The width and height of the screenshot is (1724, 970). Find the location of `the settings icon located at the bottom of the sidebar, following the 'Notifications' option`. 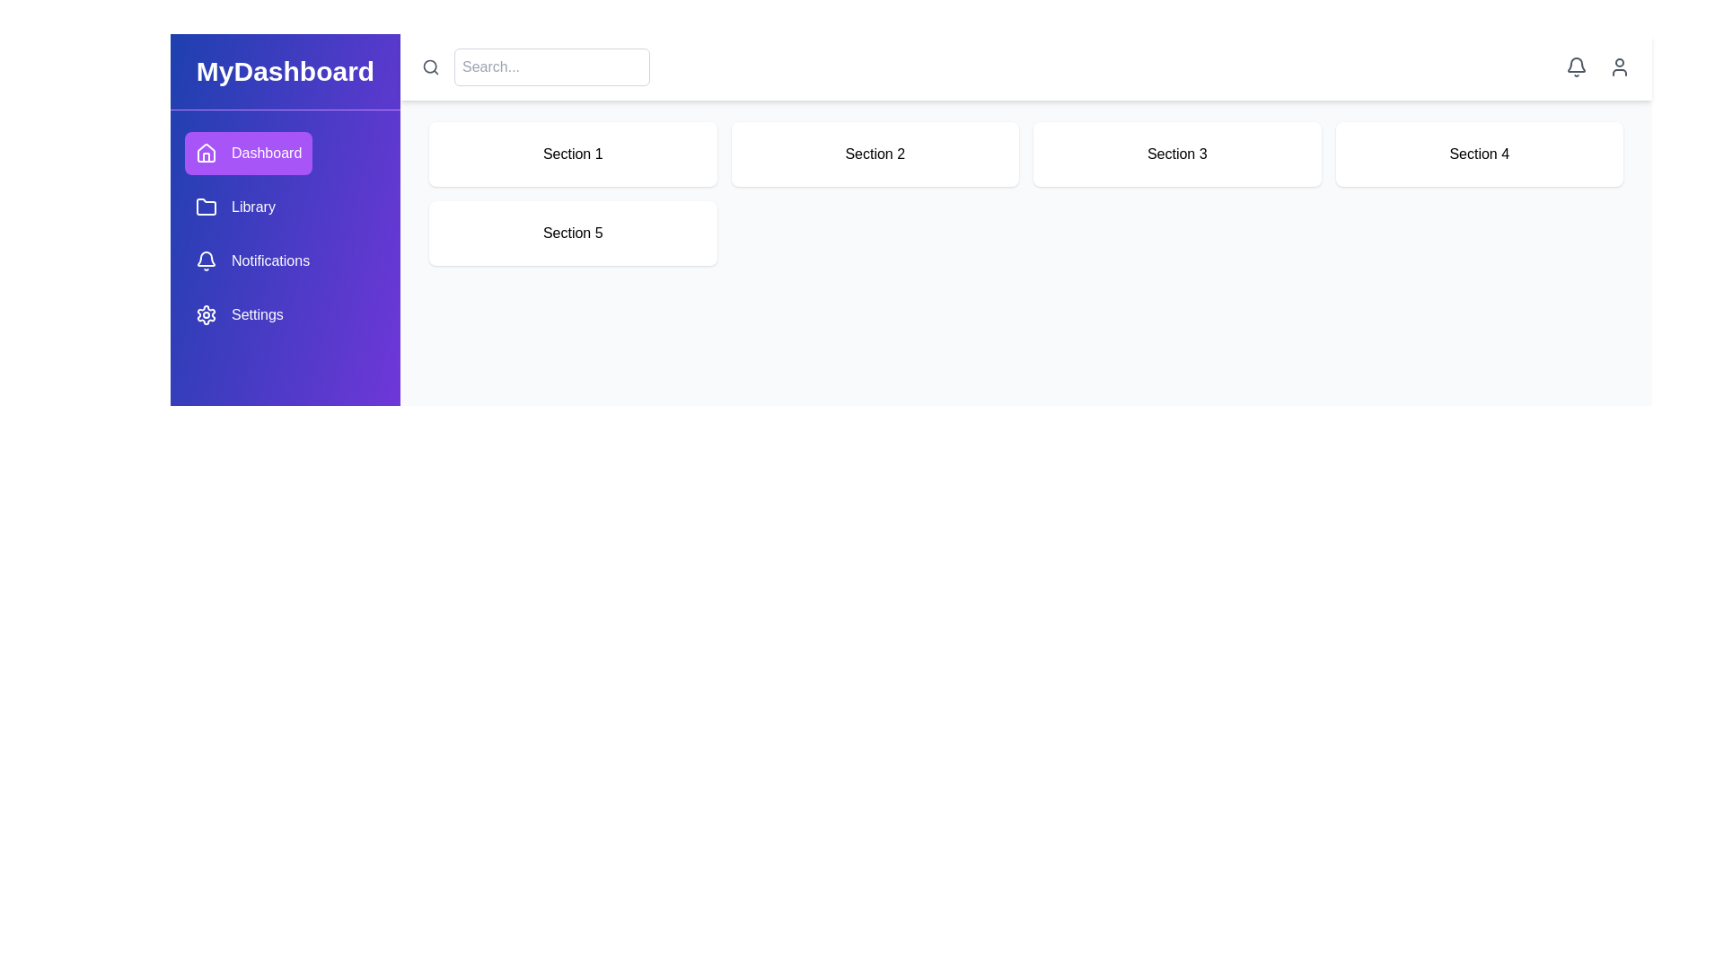

the settings icon located at the bottom of the sidebar, following the 'Notifications' option is located at coordinates (207, 314).